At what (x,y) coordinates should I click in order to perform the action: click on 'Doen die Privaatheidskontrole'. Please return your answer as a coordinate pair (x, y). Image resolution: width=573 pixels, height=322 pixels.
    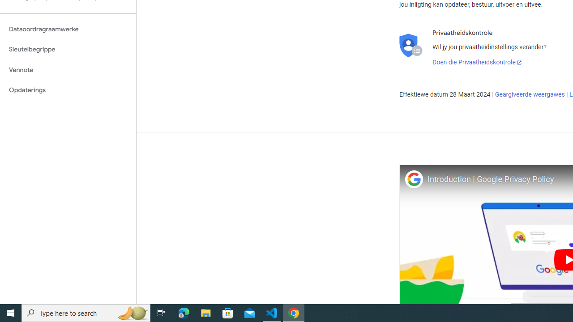
    Looking at the image, I should click on (477, 62).